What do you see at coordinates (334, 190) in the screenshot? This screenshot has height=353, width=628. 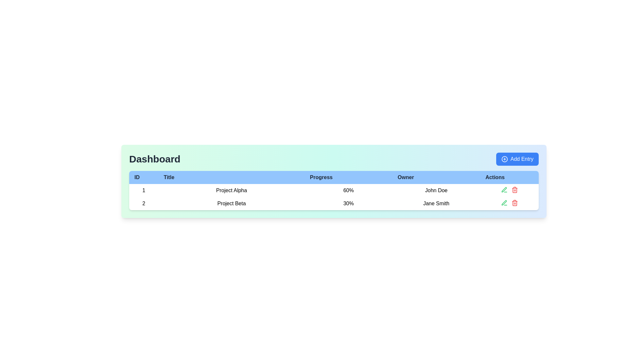 I see `the first row of the data table containing ID '1', project title 'Project Alpha', progress '60%', owner 'John Doe', and action icons` at bounding box center [334, 190].